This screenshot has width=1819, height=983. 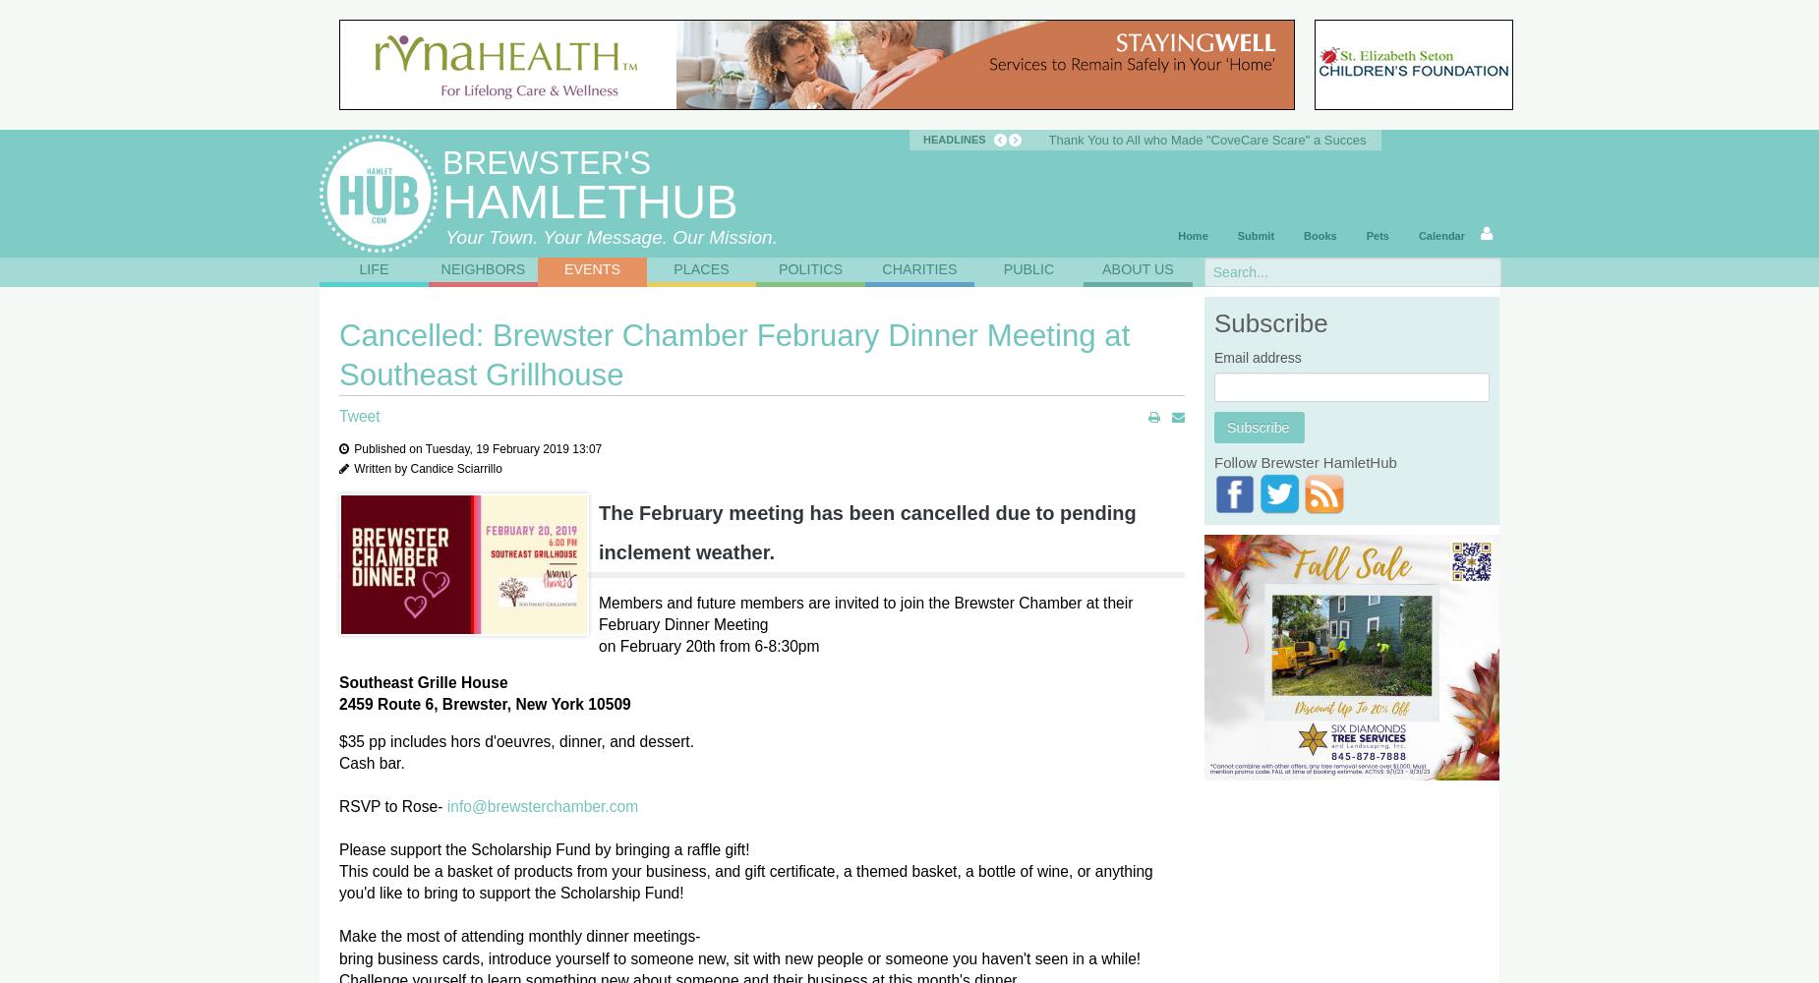 I want to click on 'This could be a basket of products from your business, and gift certificate, a themed basket, a bottle of wine, or anything you'd like to bring to support the Scholarship Fund!', so click(x=745, y=882).